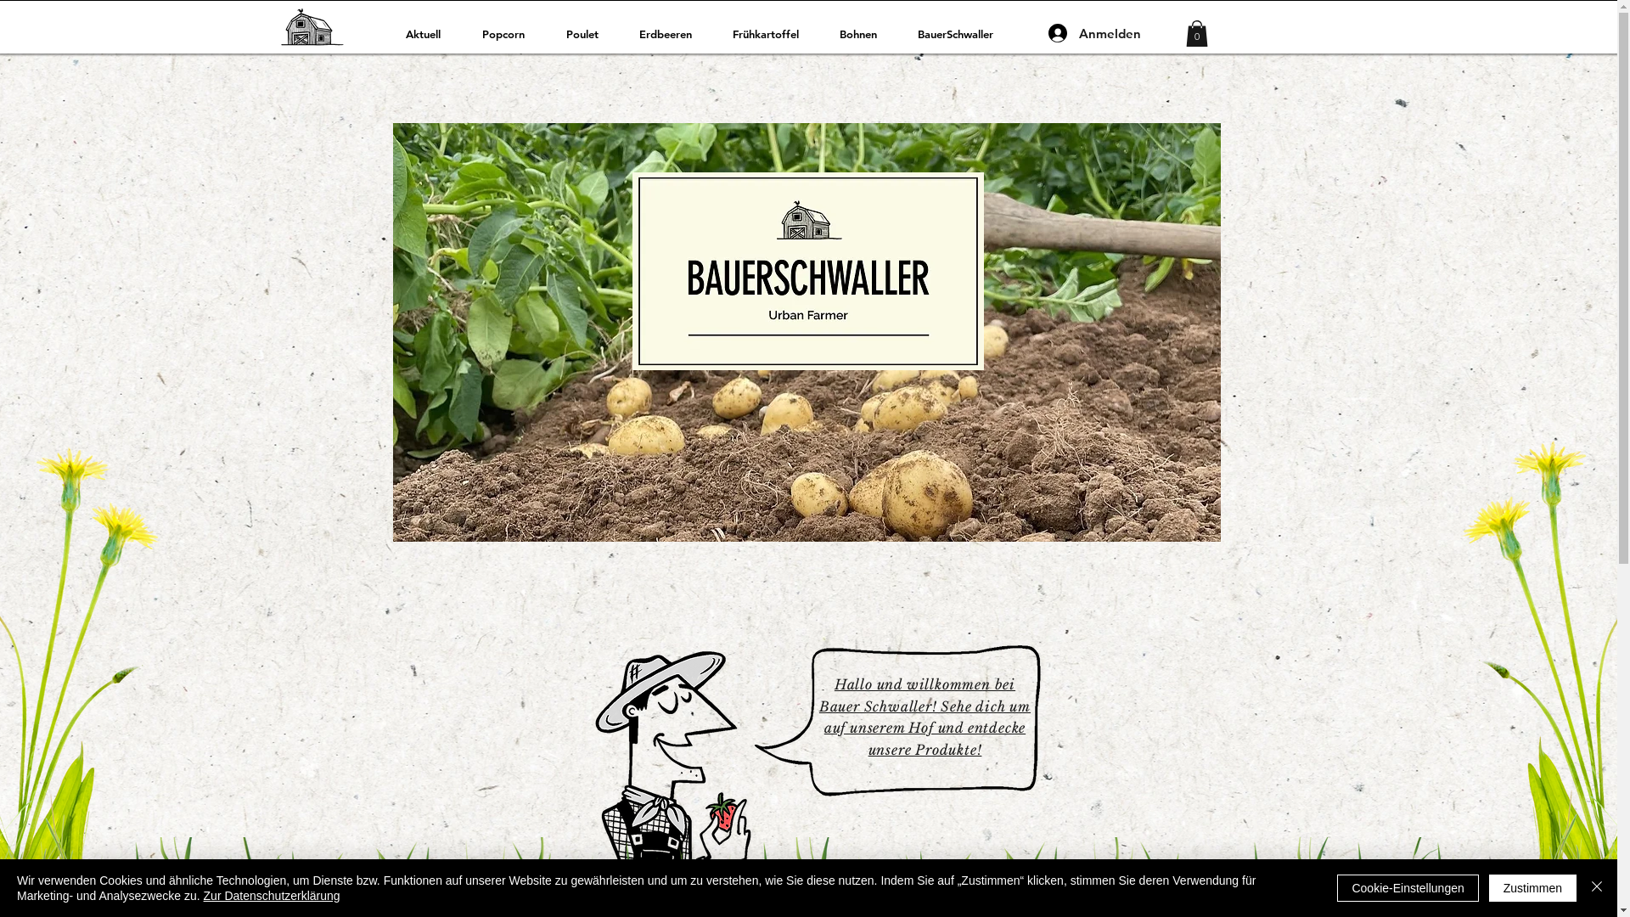 The height and width of the screenshot is (917, 1630). What do you see at coordinates (963, 33) in the screenshot?
I see `'BauerSchwaller'` at bounding box center [963, 33].